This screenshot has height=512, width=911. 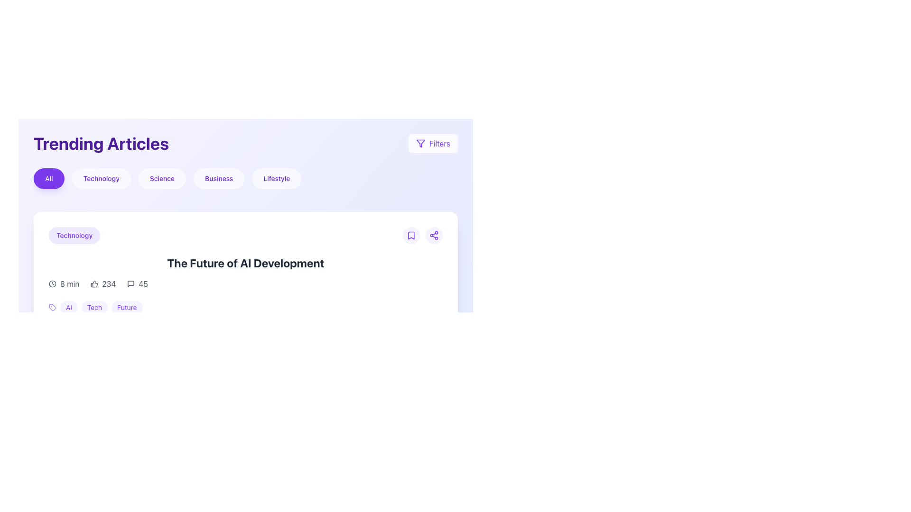 I want to click on the tag labeled 'Future', which is a pill-shaped violet background with bold violet text, positioned to the right of the 'AI' and 'Tech' tags, so click(x=126, y=307).